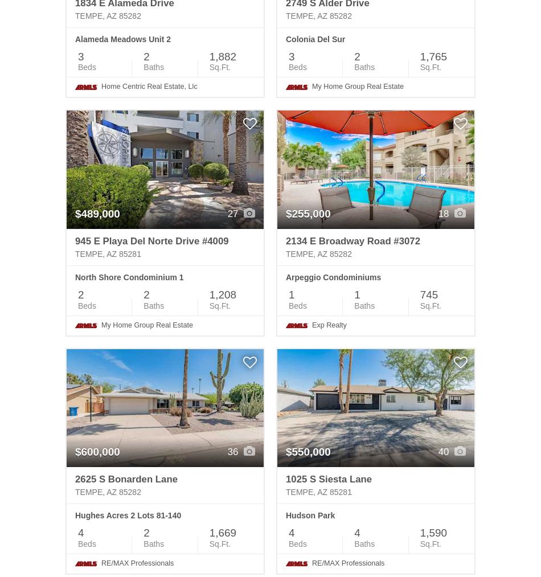 This screenshot has width=541, height=577. Describe the element at coordinates (97, 452) in the screenshot. I see `'$600,000'` at that location.